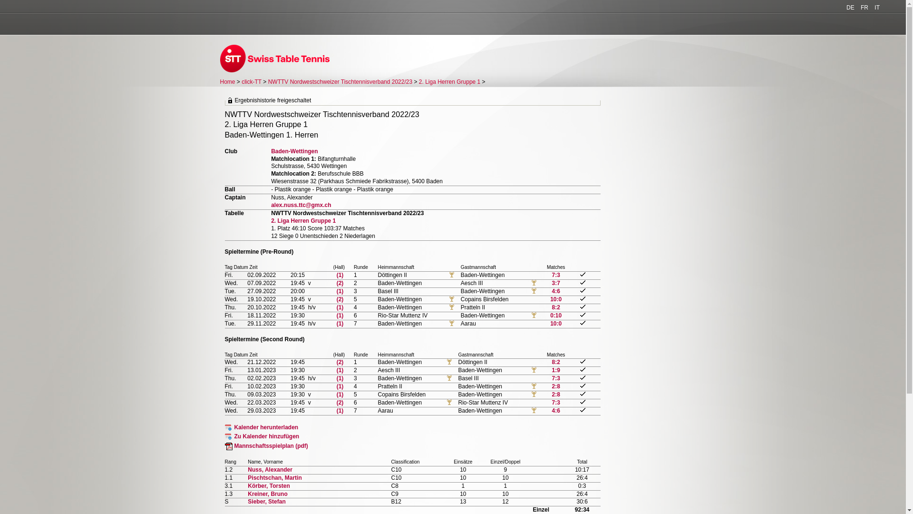 The image size is (913, 514). I want to click on 'Spielbericht genehmigt', so click(582, 282).